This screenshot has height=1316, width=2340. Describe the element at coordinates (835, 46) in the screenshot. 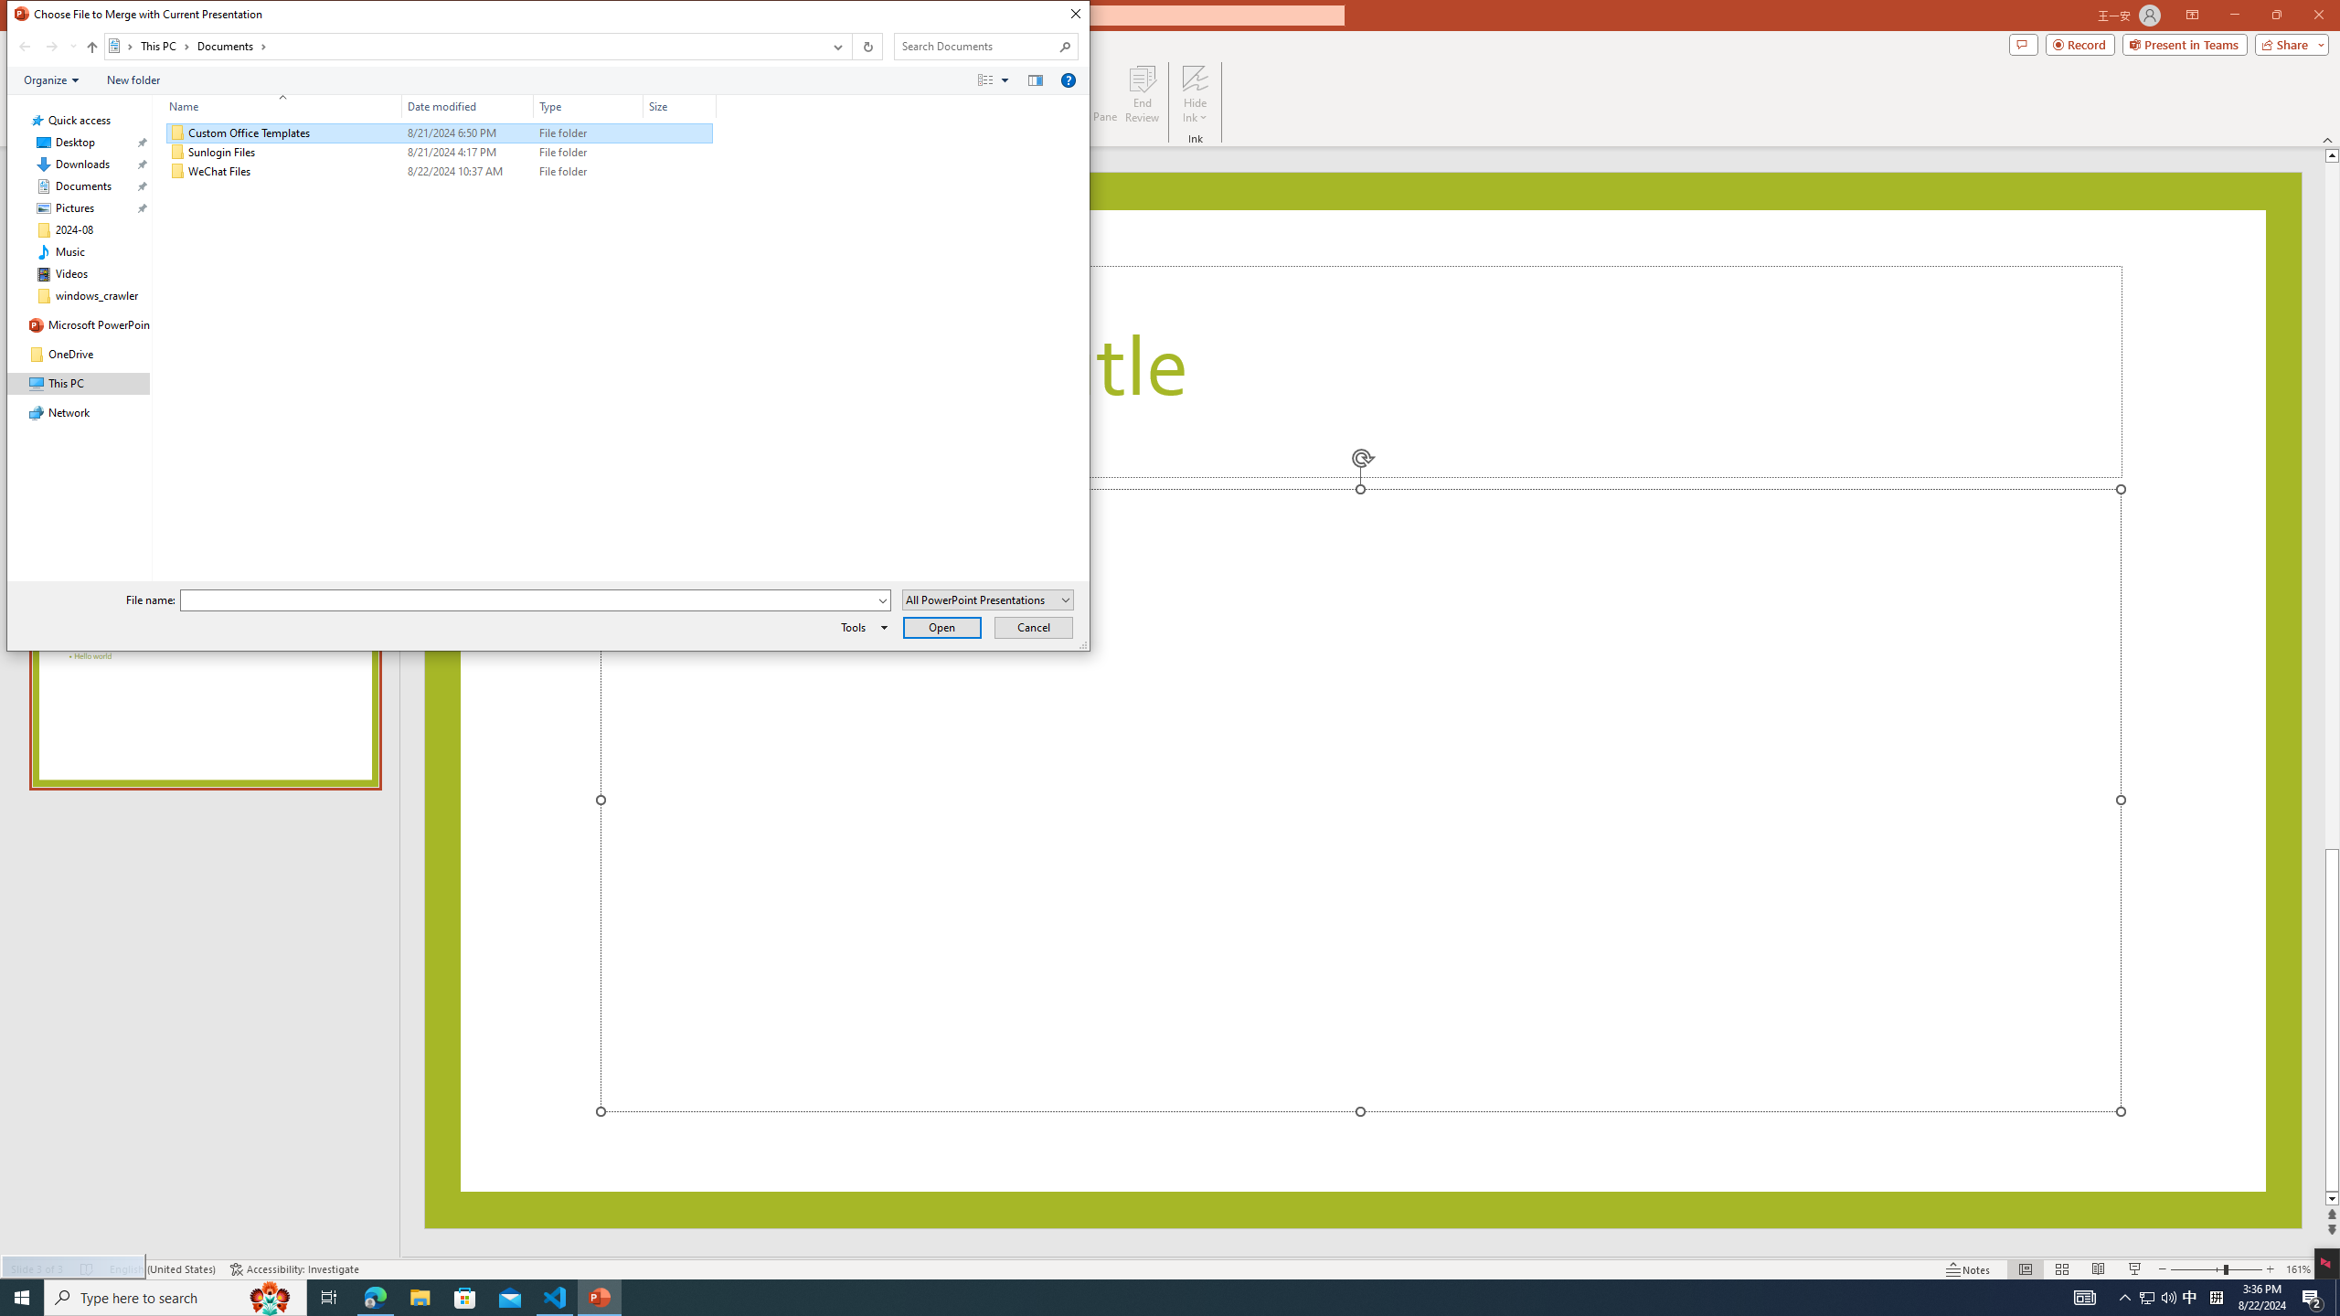

I see `'Previous Locations'` at that location.